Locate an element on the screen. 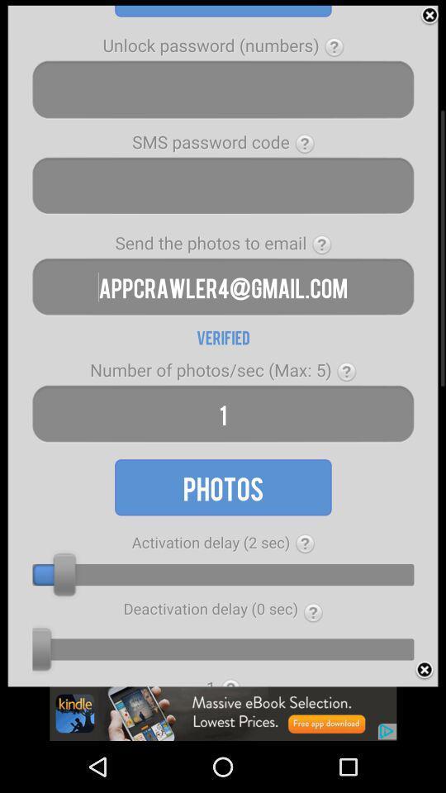  text box for password is located at coordinates (223, 89).